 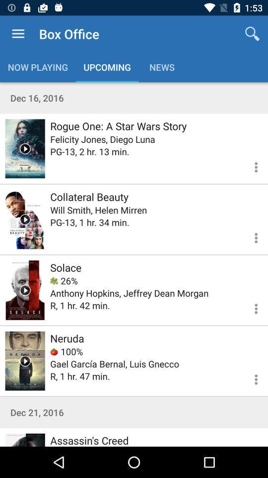 I want to click on just play, so click(x=25, y=219).